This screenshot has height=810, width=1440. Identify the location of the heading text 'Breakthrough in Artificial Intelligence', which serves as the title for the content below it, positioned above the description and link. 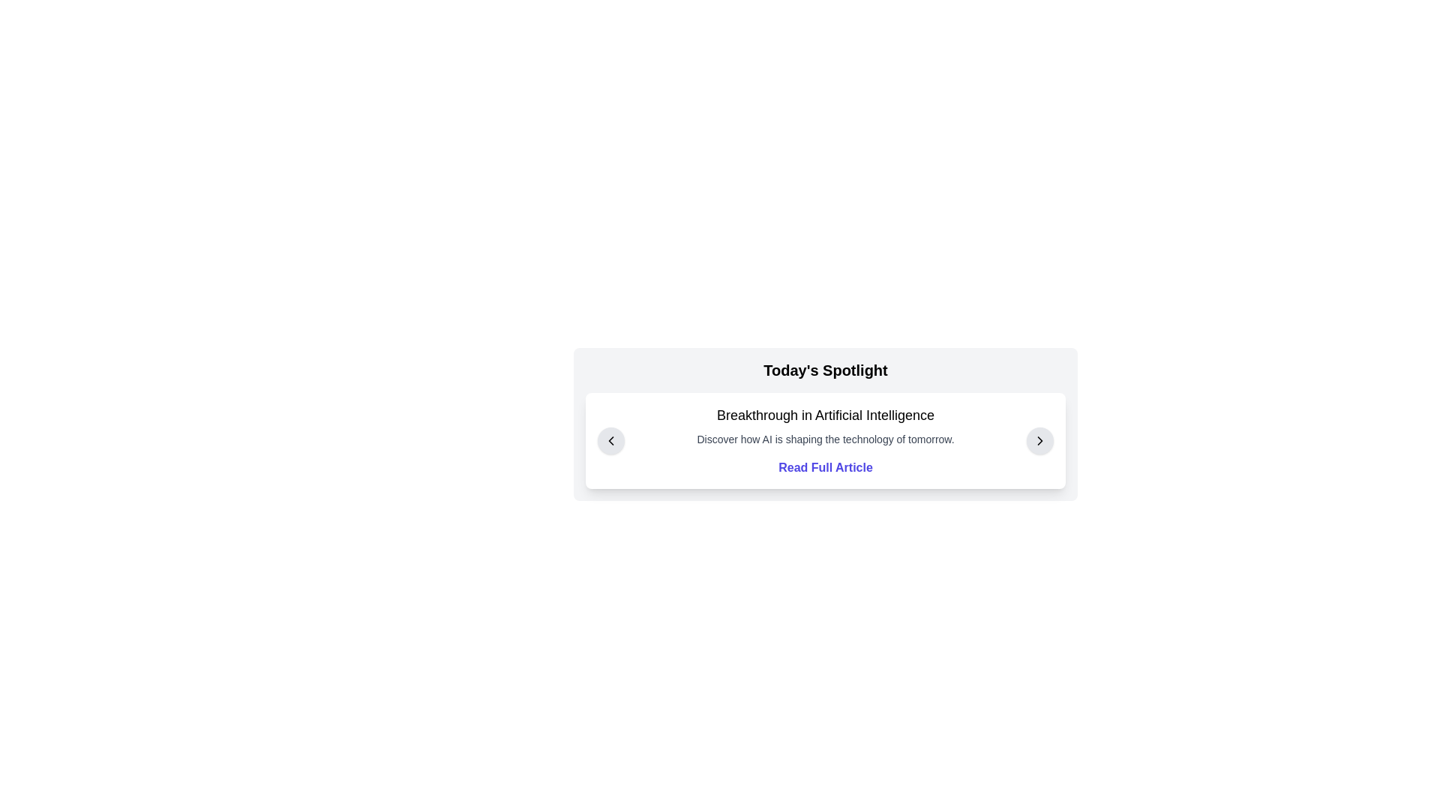
(824, 415).